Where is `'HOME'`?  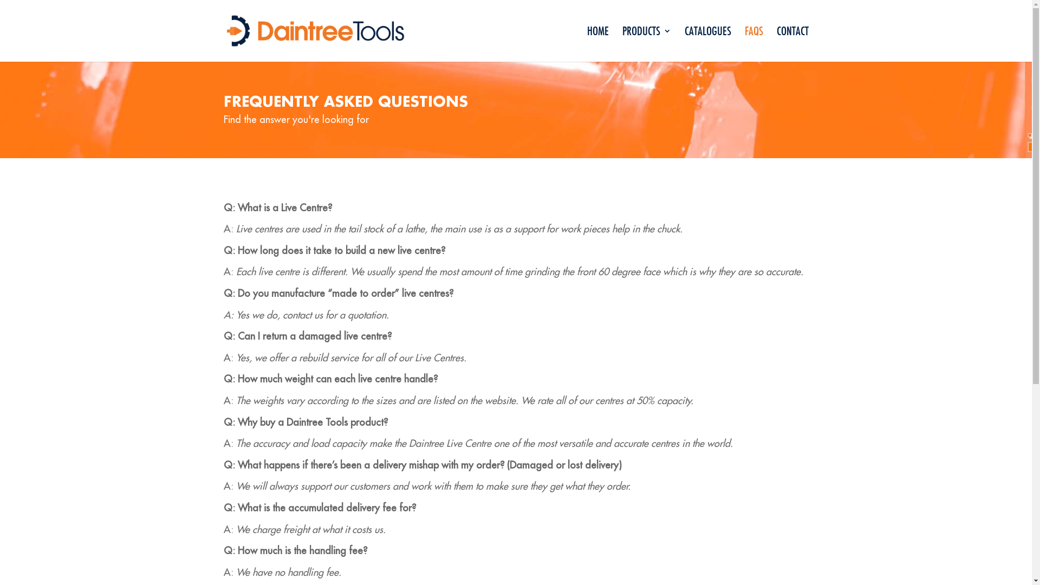 'HOME' is located at coordinates (597, 43).